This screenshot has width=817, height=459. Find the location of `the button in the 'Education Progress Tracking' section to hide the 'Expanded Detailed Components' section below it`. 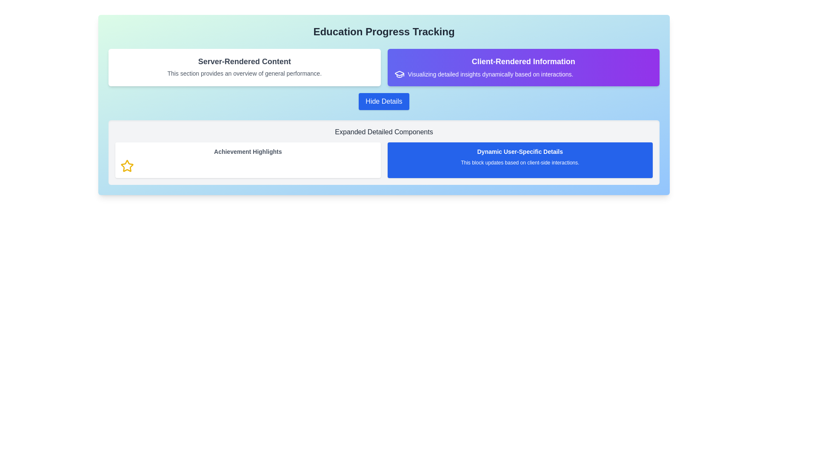

the button in the 'Education Progress Tracking' section to hide the 'Expanded Detailed Components' section below it is located at coordinates (383, 101).